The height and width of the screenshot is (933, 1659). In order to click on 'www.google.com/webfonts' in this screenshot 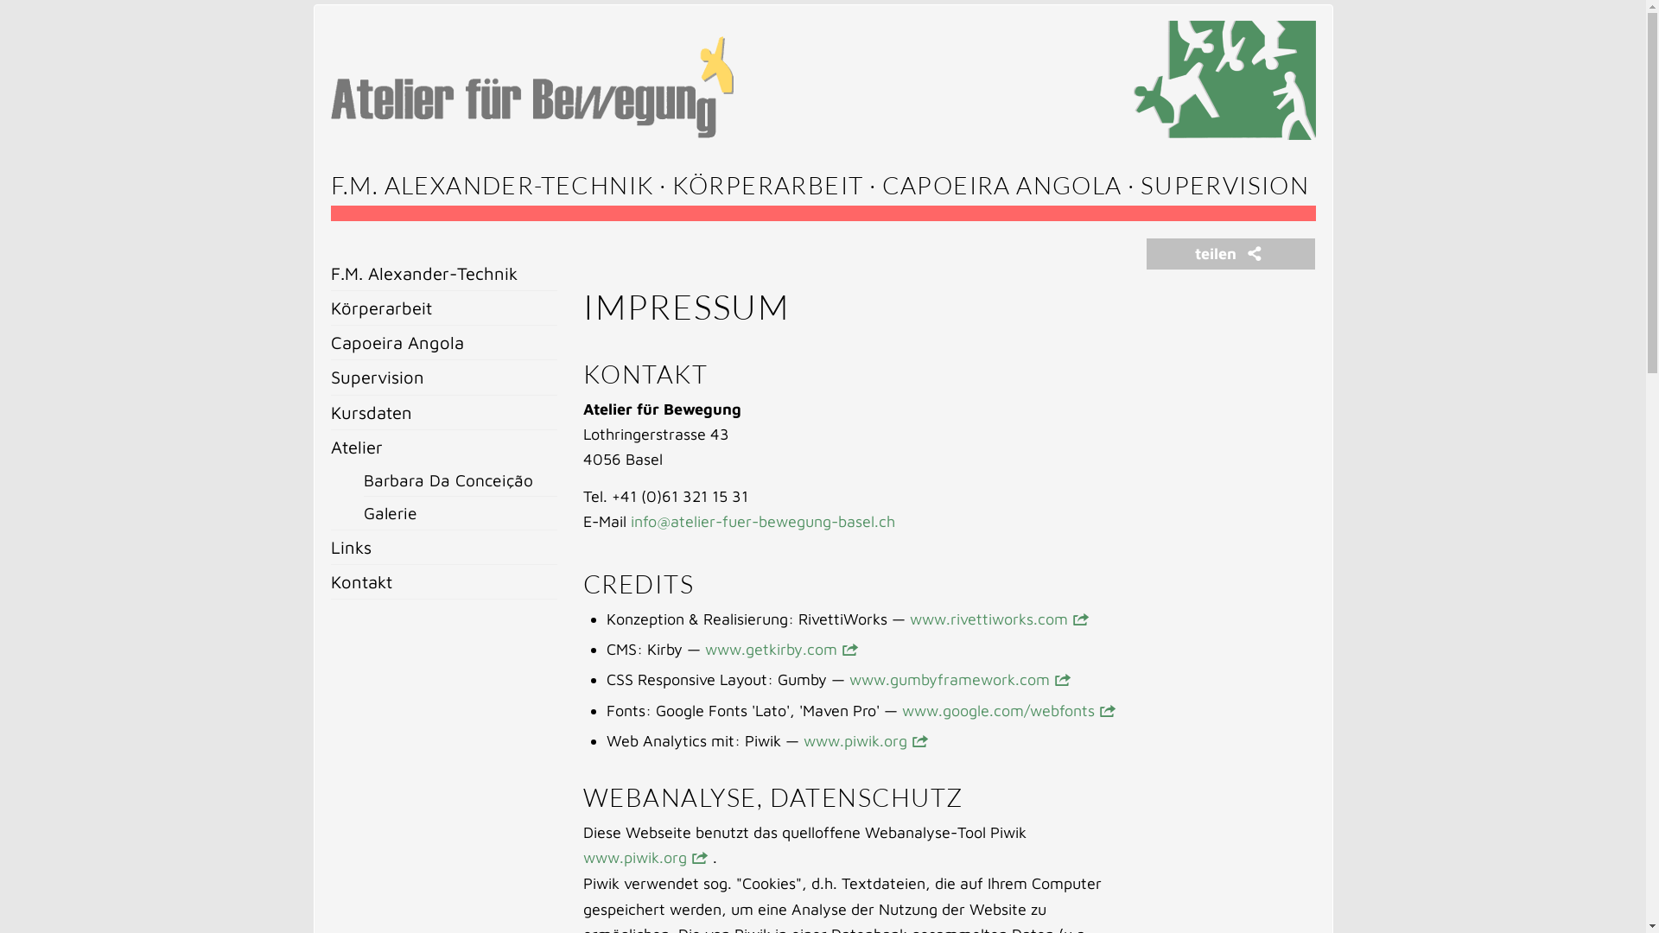, I will do `click(998, 710)`.